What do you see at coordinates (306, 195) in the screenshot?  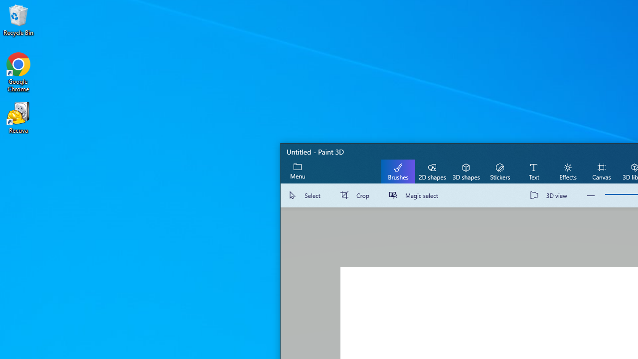 I see `'Select'` at bounding box center [306, 195].